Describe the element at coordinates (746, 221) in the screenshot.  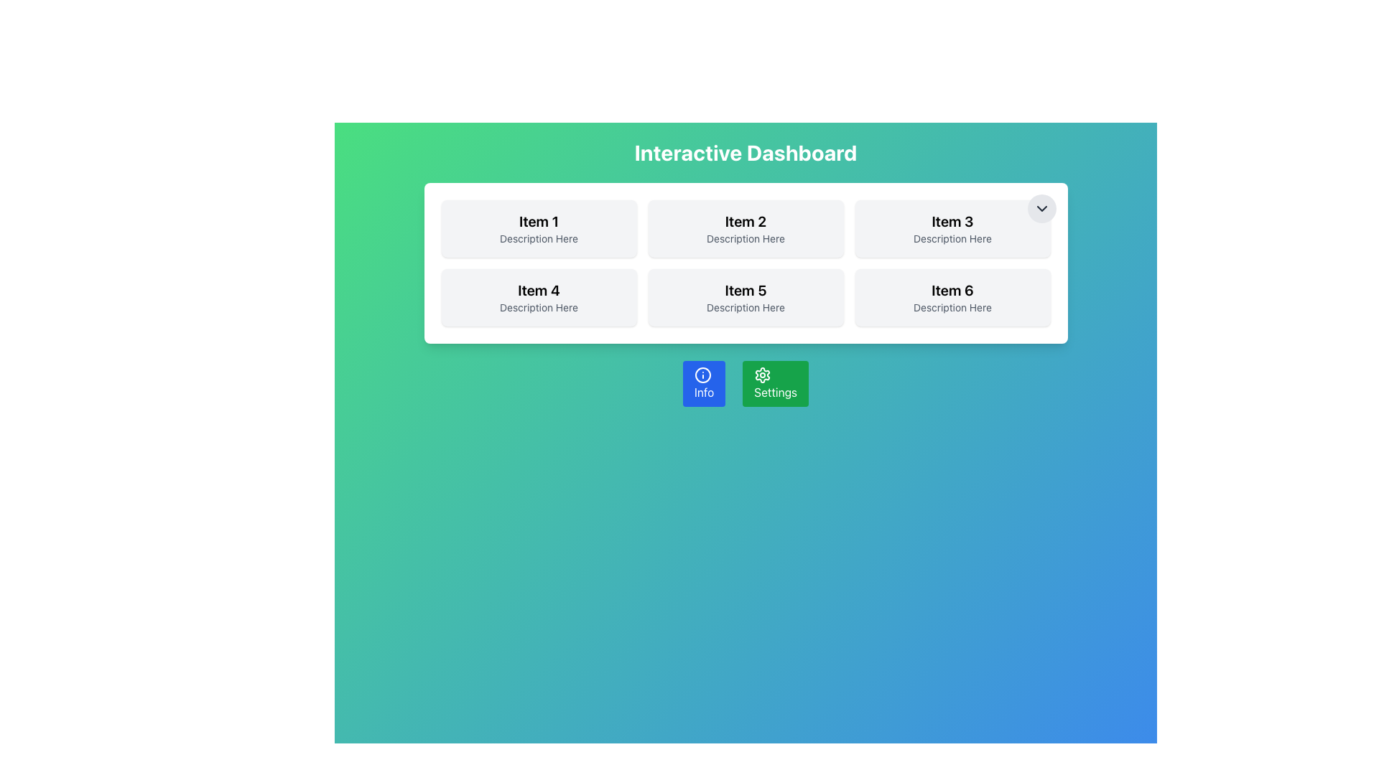
I see `the Static Text element displaying 'Item 2', which is formatted in bold and enlarged font, located in the top center of the section` at that location.